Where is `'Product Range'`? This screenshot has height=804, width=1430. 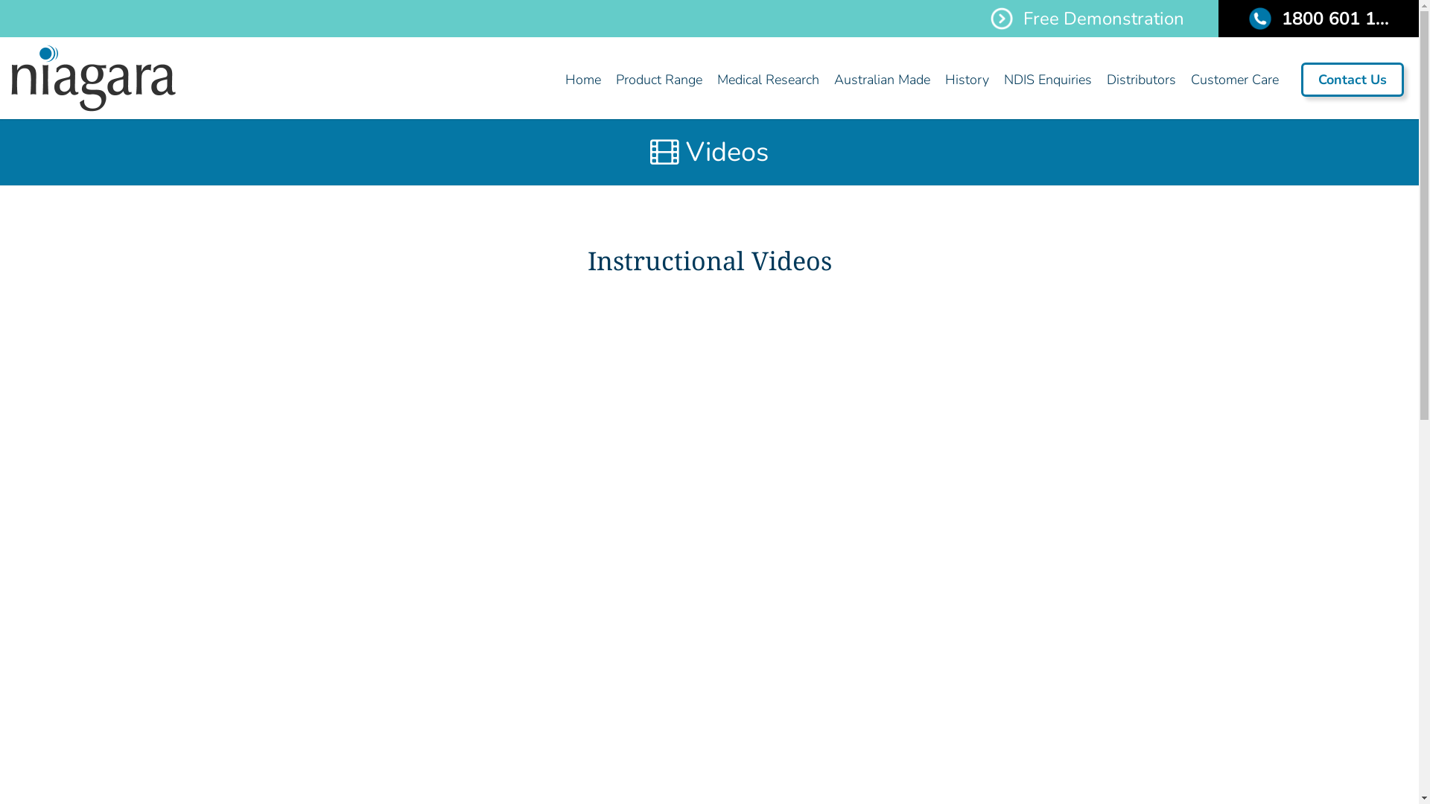
'Product Range' is located at coordinates (658, 80).